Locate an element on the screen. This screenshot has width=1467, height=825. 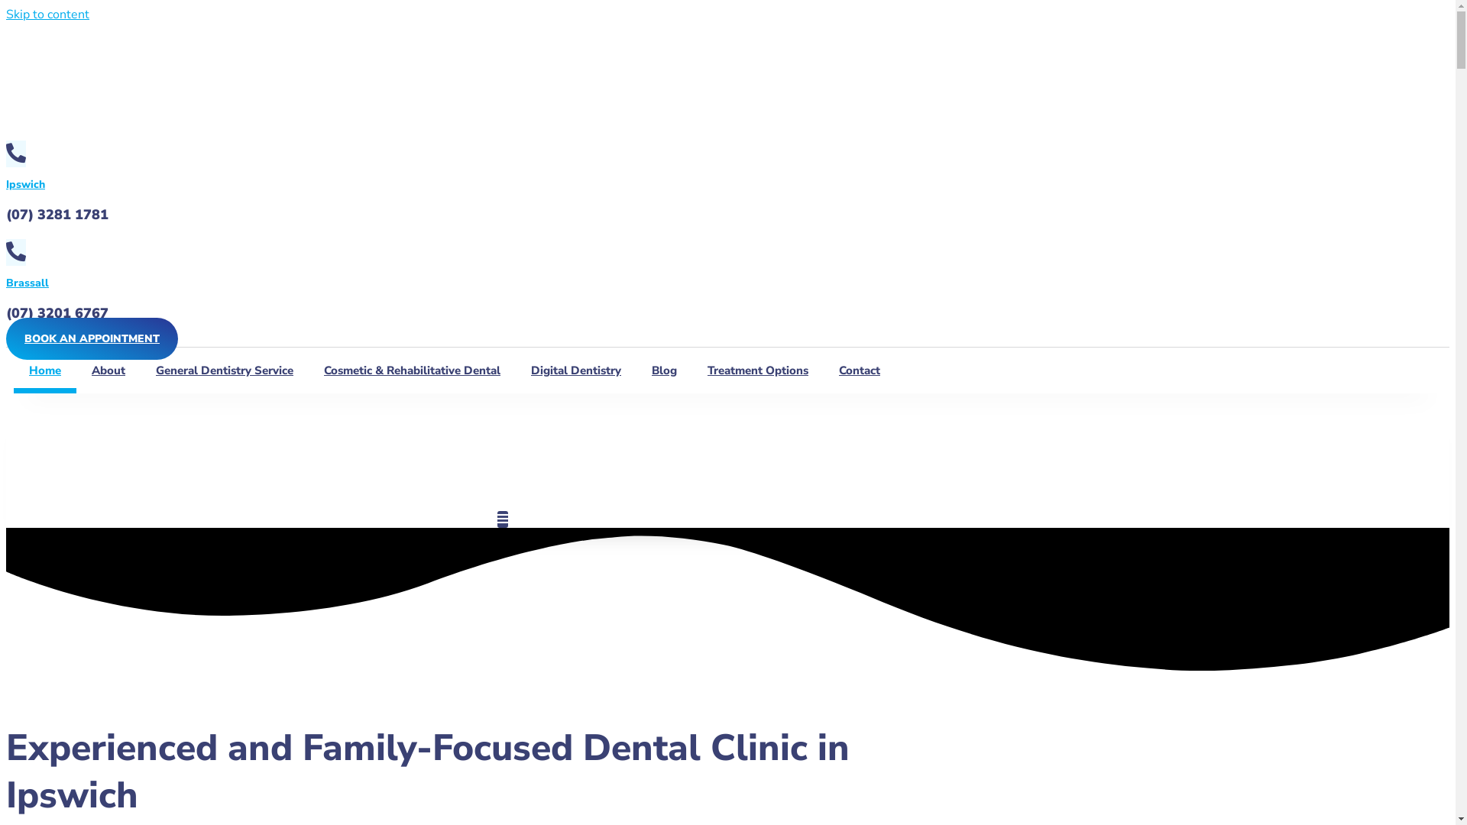
'Treatment Options' is located at coordinates (758, 370).